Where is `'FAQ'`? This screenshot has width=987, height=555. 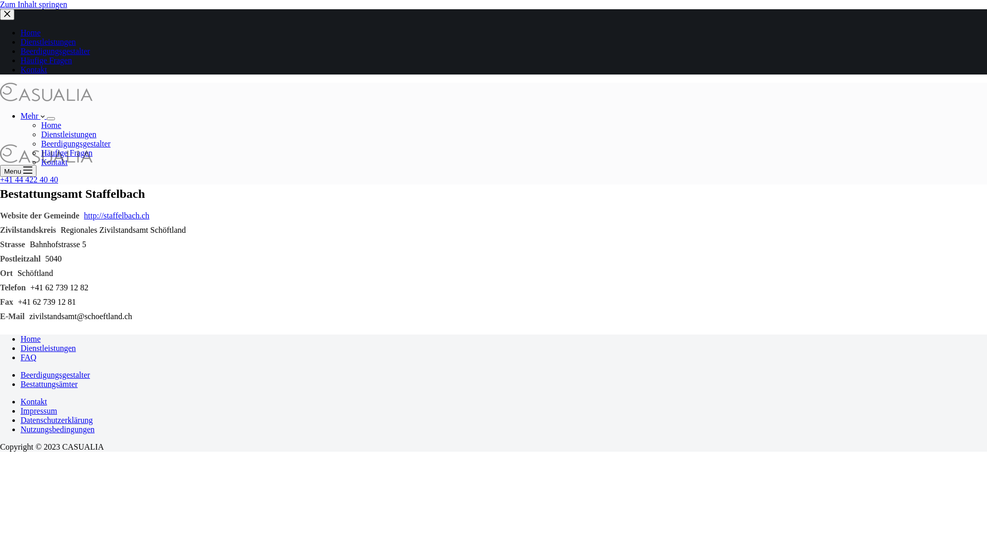
'FAQ' is located at coordinates (28, 357).